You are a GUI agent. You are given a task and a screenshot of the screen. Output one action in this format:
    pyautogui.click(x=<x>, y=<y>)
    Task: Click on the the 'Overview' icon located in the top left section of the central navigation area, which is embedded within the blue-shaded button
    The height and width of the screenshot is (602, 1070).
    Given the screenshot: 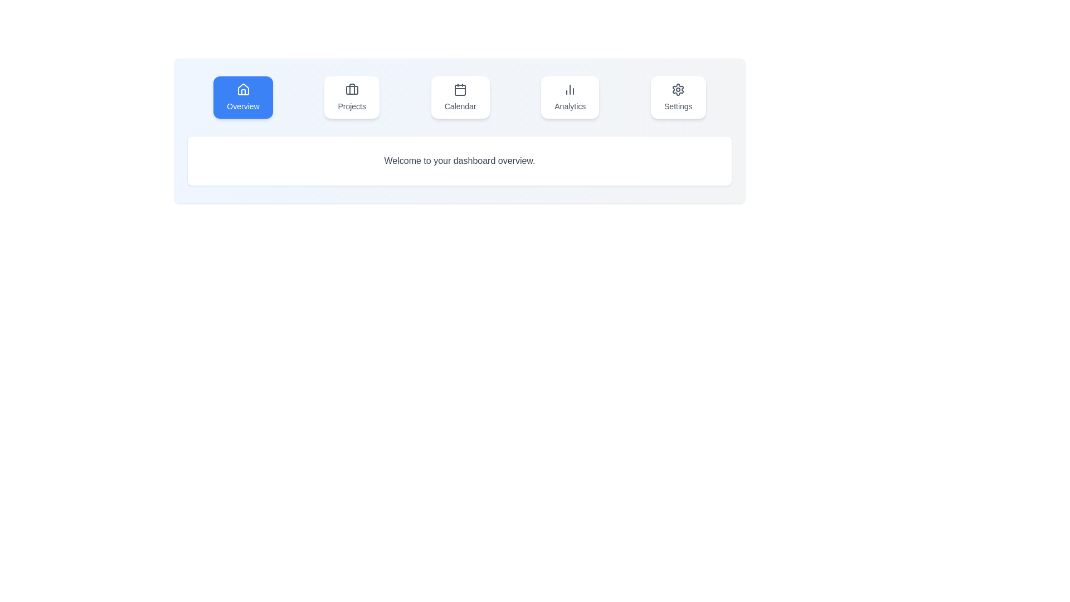 What is the action you would take?
    pyautogui.click(x=242, y=89)
    